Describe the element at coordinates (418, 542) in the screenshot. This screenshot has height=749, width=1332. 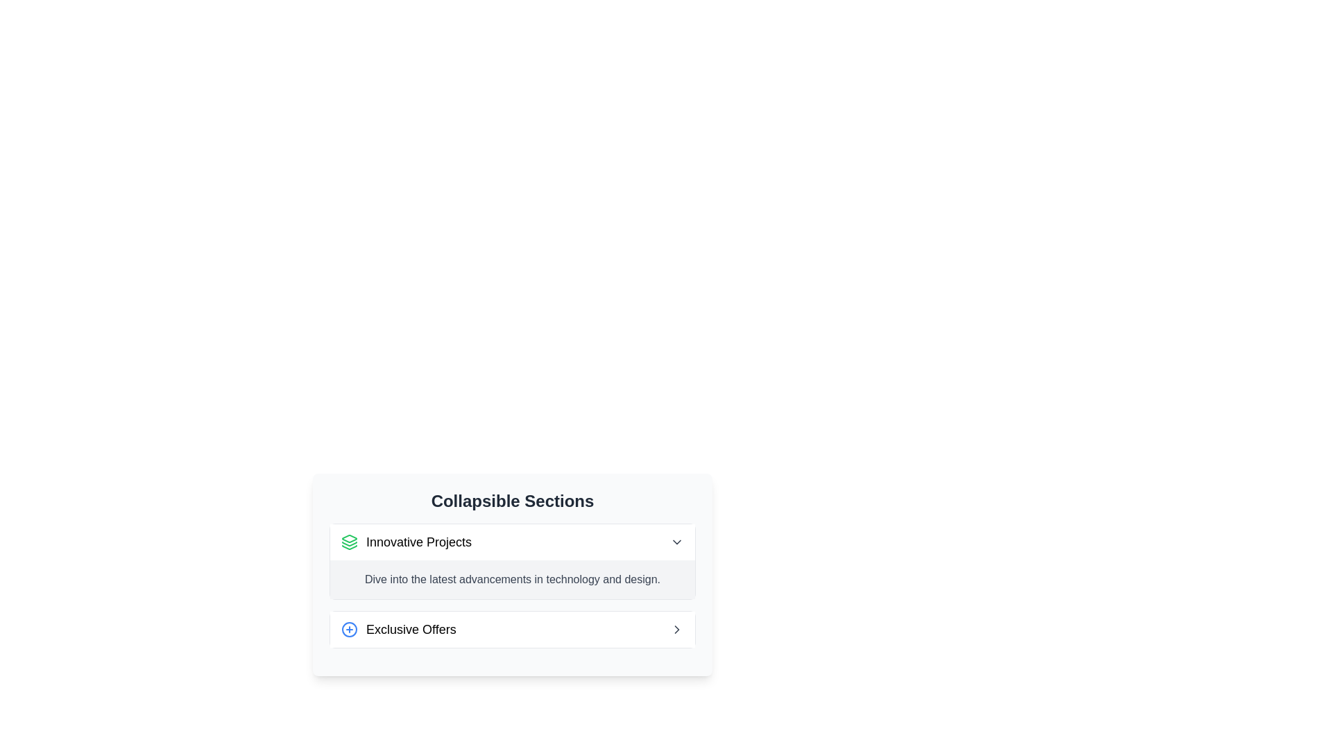
I see `the text label reading 'Innovative Projects', which is part of a section header located at the top of a collapsible section group, positioned to the right of a green layered icon` at that location.